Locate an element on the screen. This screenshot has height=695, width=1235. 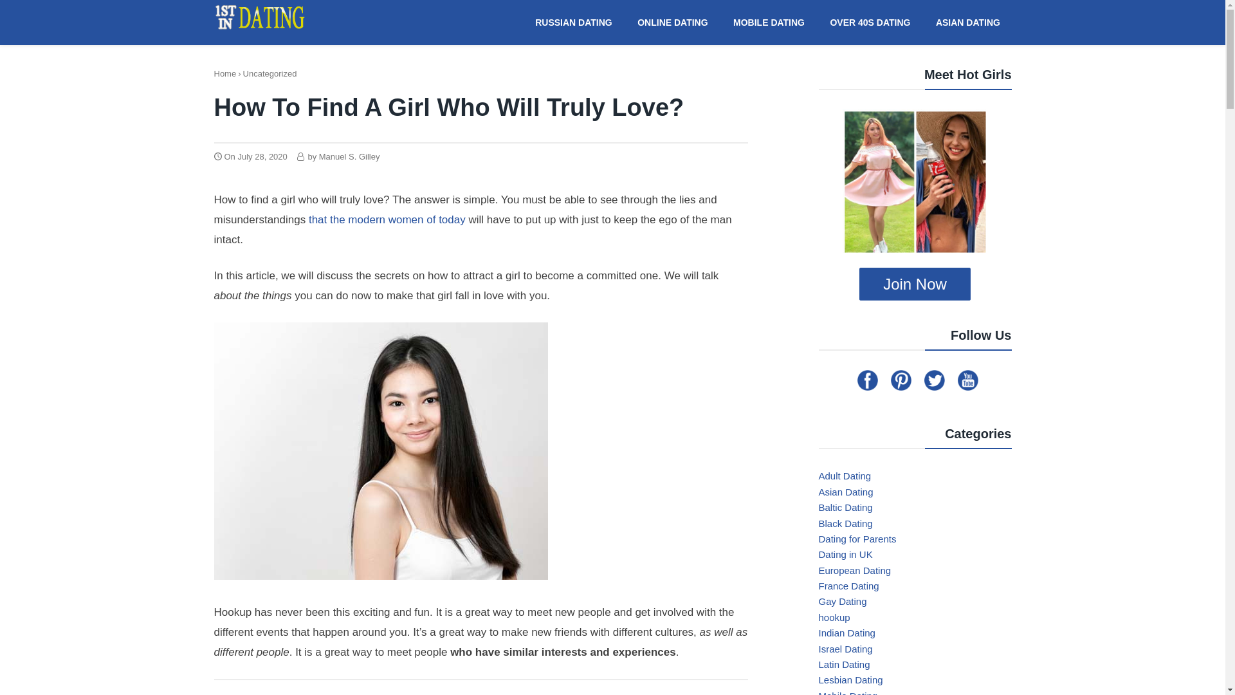
'Home' is located at coordinates (224, 73).